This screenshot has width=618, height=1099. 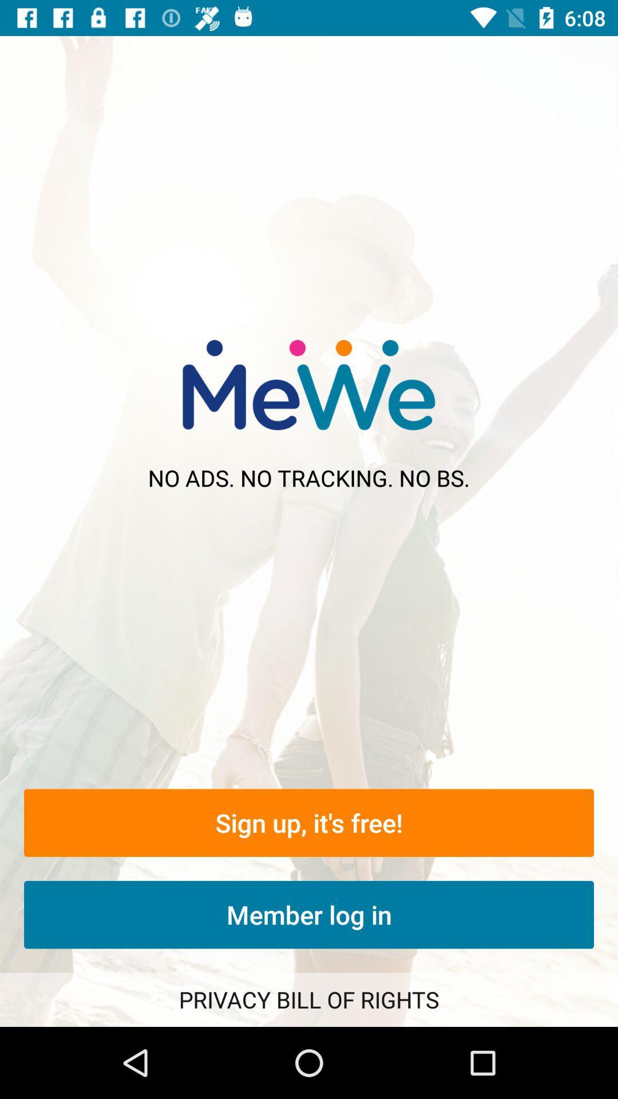 I want to click on the icon above the privacy bill of, so click(x=309, y=914).